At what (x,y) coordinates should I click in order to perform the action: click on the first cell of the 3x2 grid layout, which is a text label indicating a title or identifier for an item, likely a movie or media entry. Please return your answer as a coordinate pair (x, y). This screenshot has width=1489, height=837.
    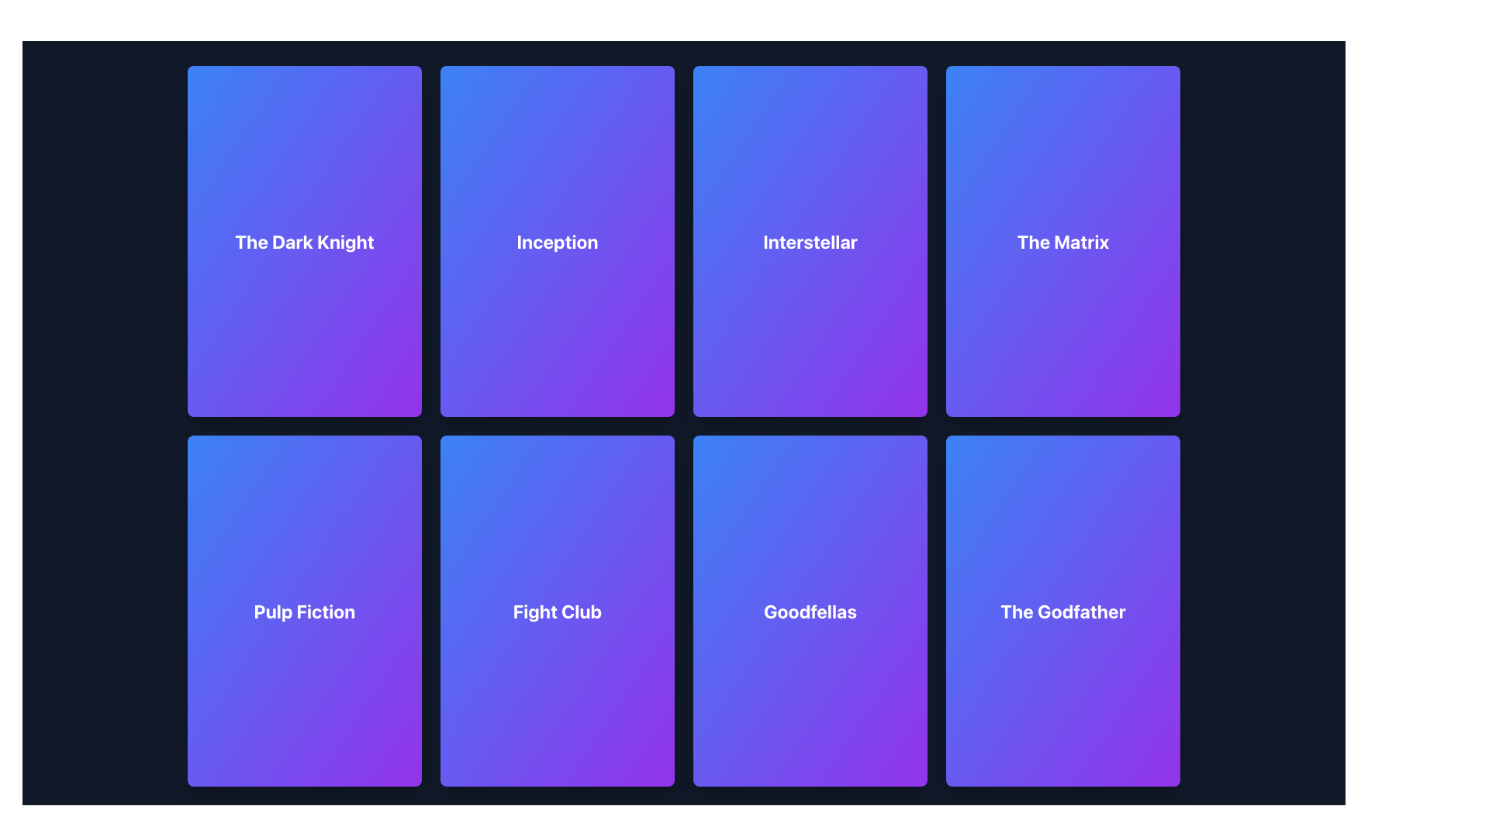
    Looking at the image, I should click on (305, 241).